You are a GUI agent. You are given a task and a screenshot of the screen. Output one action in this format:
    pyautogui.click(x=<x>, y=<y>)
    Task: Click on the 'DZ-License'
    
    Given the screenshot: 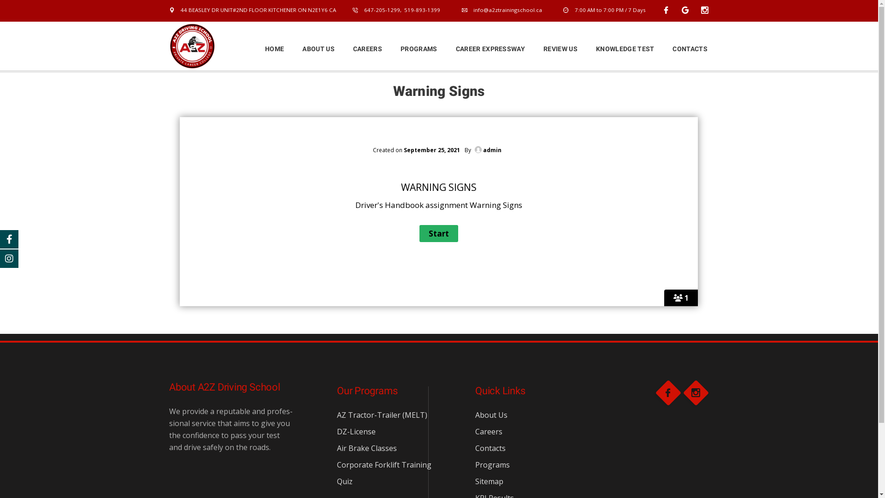 What is the action you would take?
    pyautogui.click(x=355, y=432)
    